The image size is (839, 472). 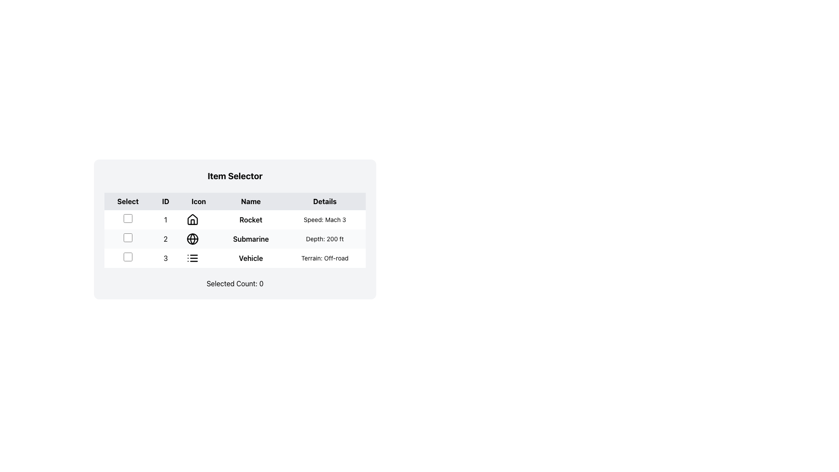 What do you see at coordinates (250, 219) in the screenshot?
I see `the non-interactive text label indicating the name of the item in the third column of the table row labeled '1'` at bounding box center [250, 219].